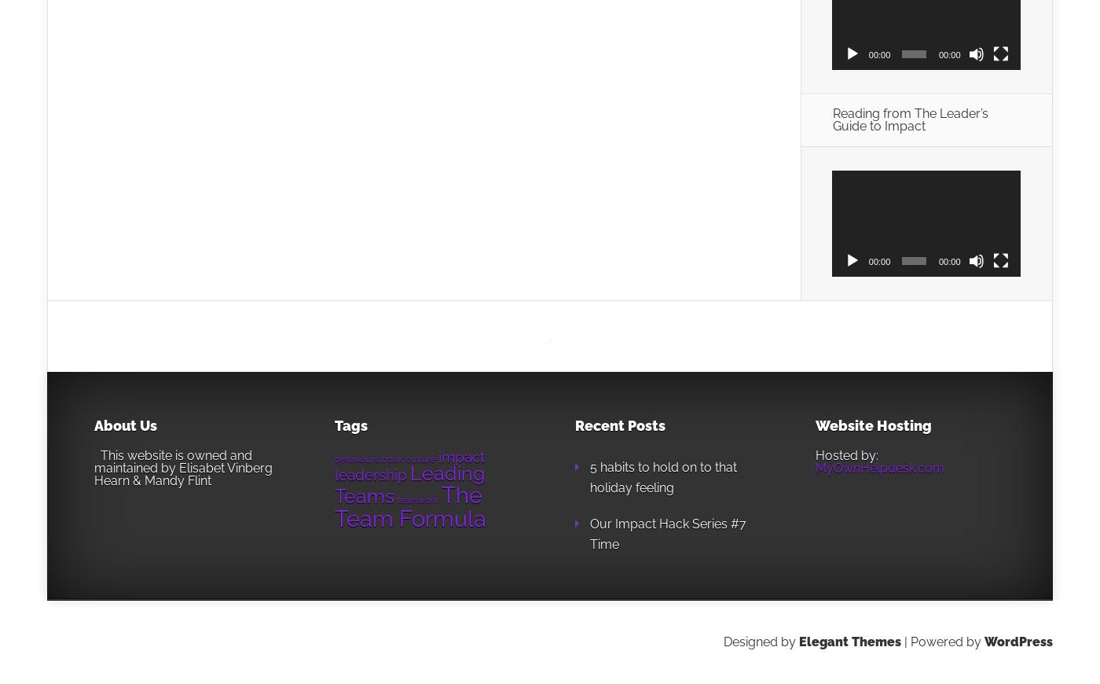 This screenshot has width=1100, height=684. What do you see at coordinates (357, 457) in the screenshot?
I see `'behaviours'` at bounding box center [357, 457].